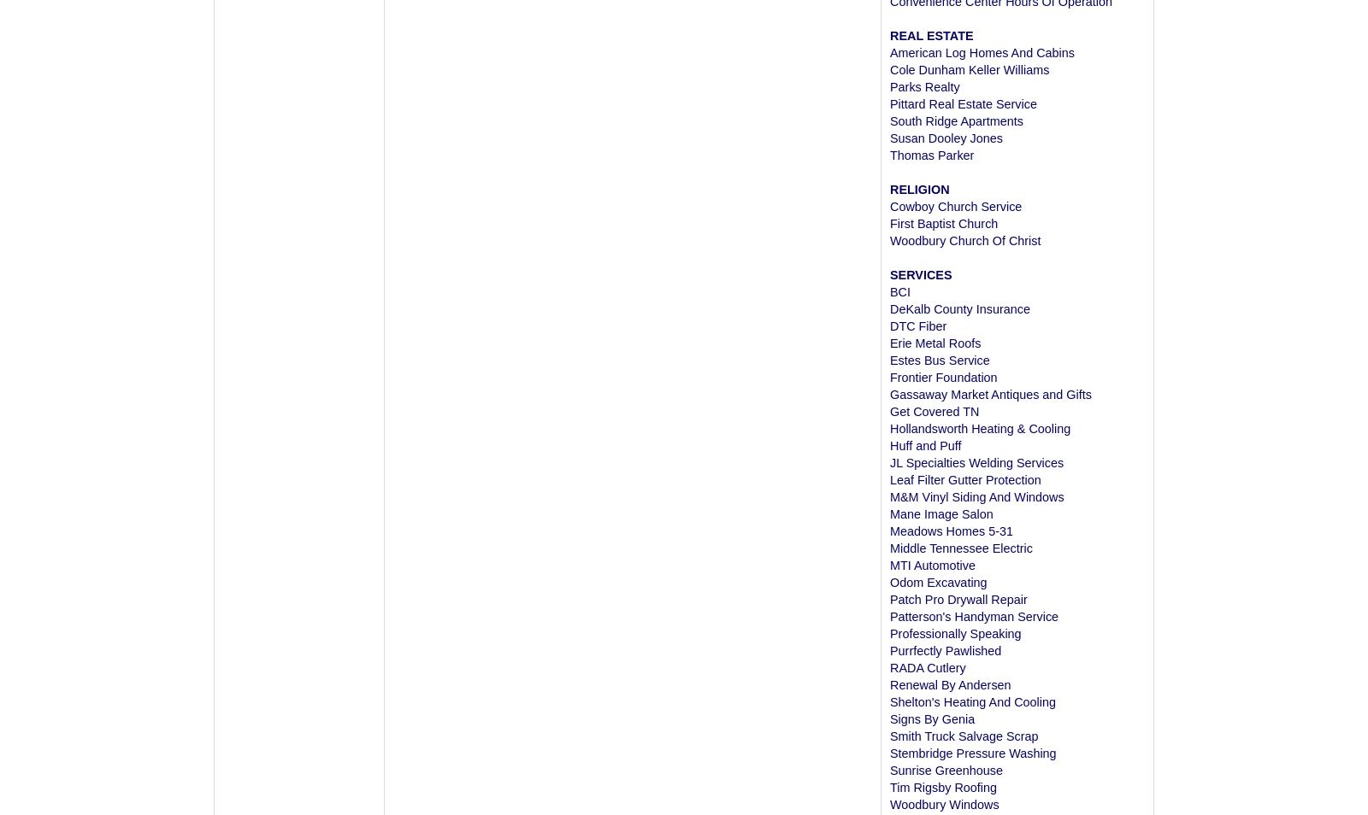 The width and height of the screenshot is (1368, 815). Describe the element at coordinates (889, 548) in the screenshot. I see `'Middle Tennessee Electric'` at that location.